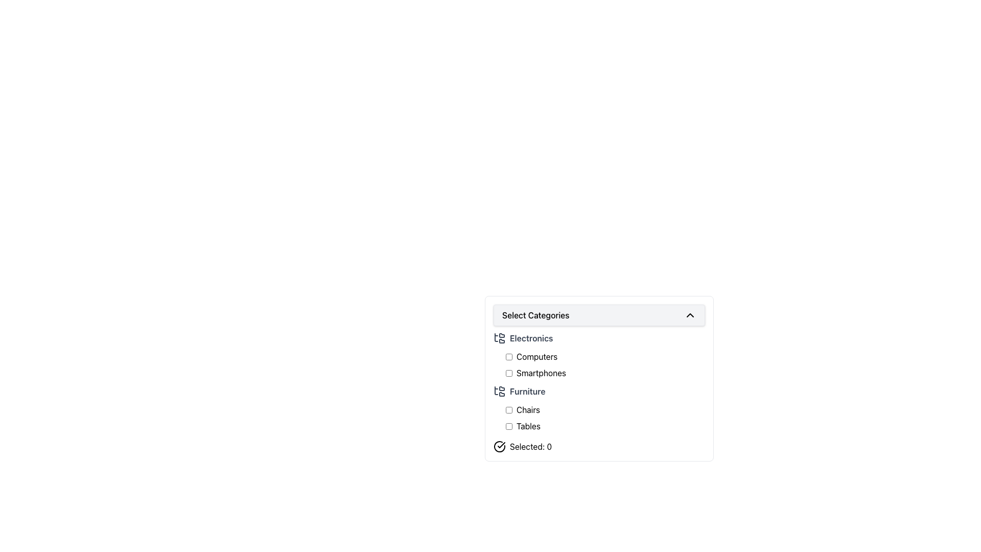 The width and height of the screenshot is (981, 552). What do you see at coordinates (509, 373) in the screenshot?
I see `the 'Smartphones' checkbox in the 'Select Categories' dropdown` at bounding box center [509, 373].